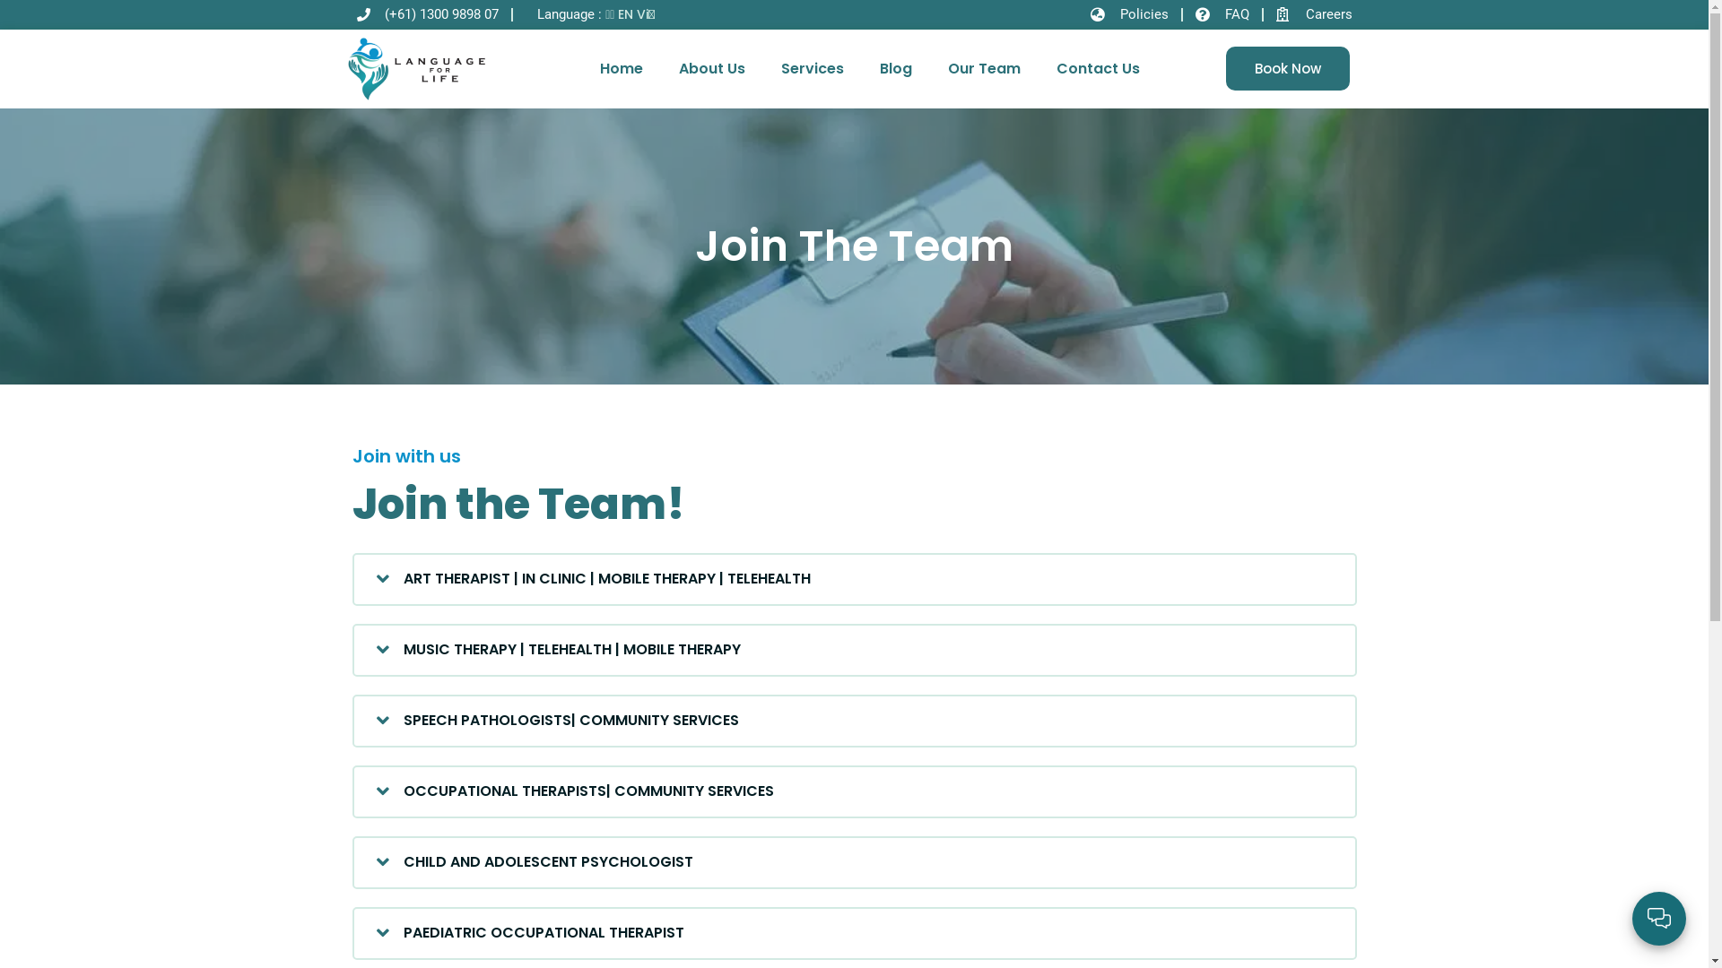 This screenshot has height=968, width=1722. What do you see at coordinates (812, 68) in the screenshot?
I see `'Services'` at bounding box center [812, 68].